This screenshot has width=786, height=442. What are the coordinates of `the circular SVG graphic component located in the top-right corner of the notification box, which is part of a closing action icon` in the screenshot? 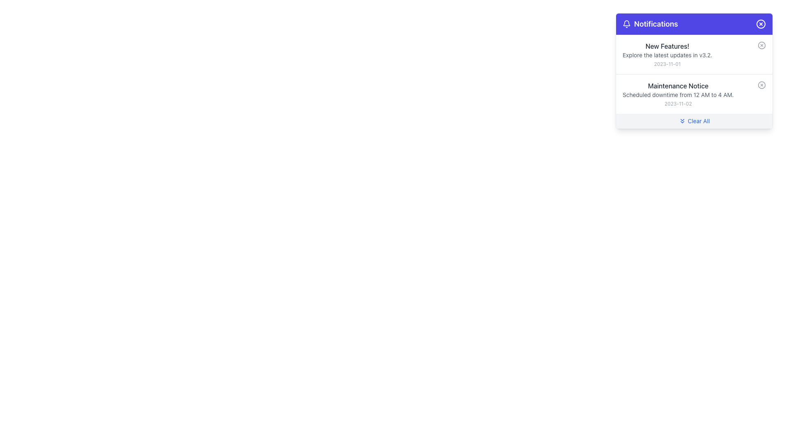 It's located at (760, 23).